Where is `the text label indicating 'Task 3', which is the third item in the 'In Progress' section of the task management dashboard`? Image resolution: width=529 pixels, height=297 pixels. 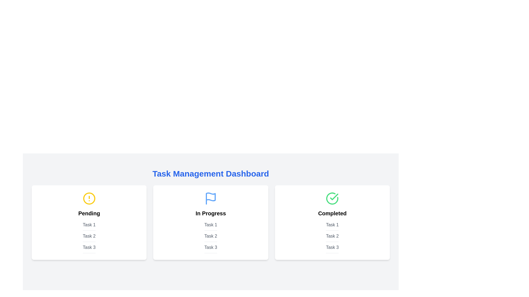
the text label indicating 'Task 3', which is the third item in the 'In Progress' section of the task management dashboard is located at coordinates (210, 249).